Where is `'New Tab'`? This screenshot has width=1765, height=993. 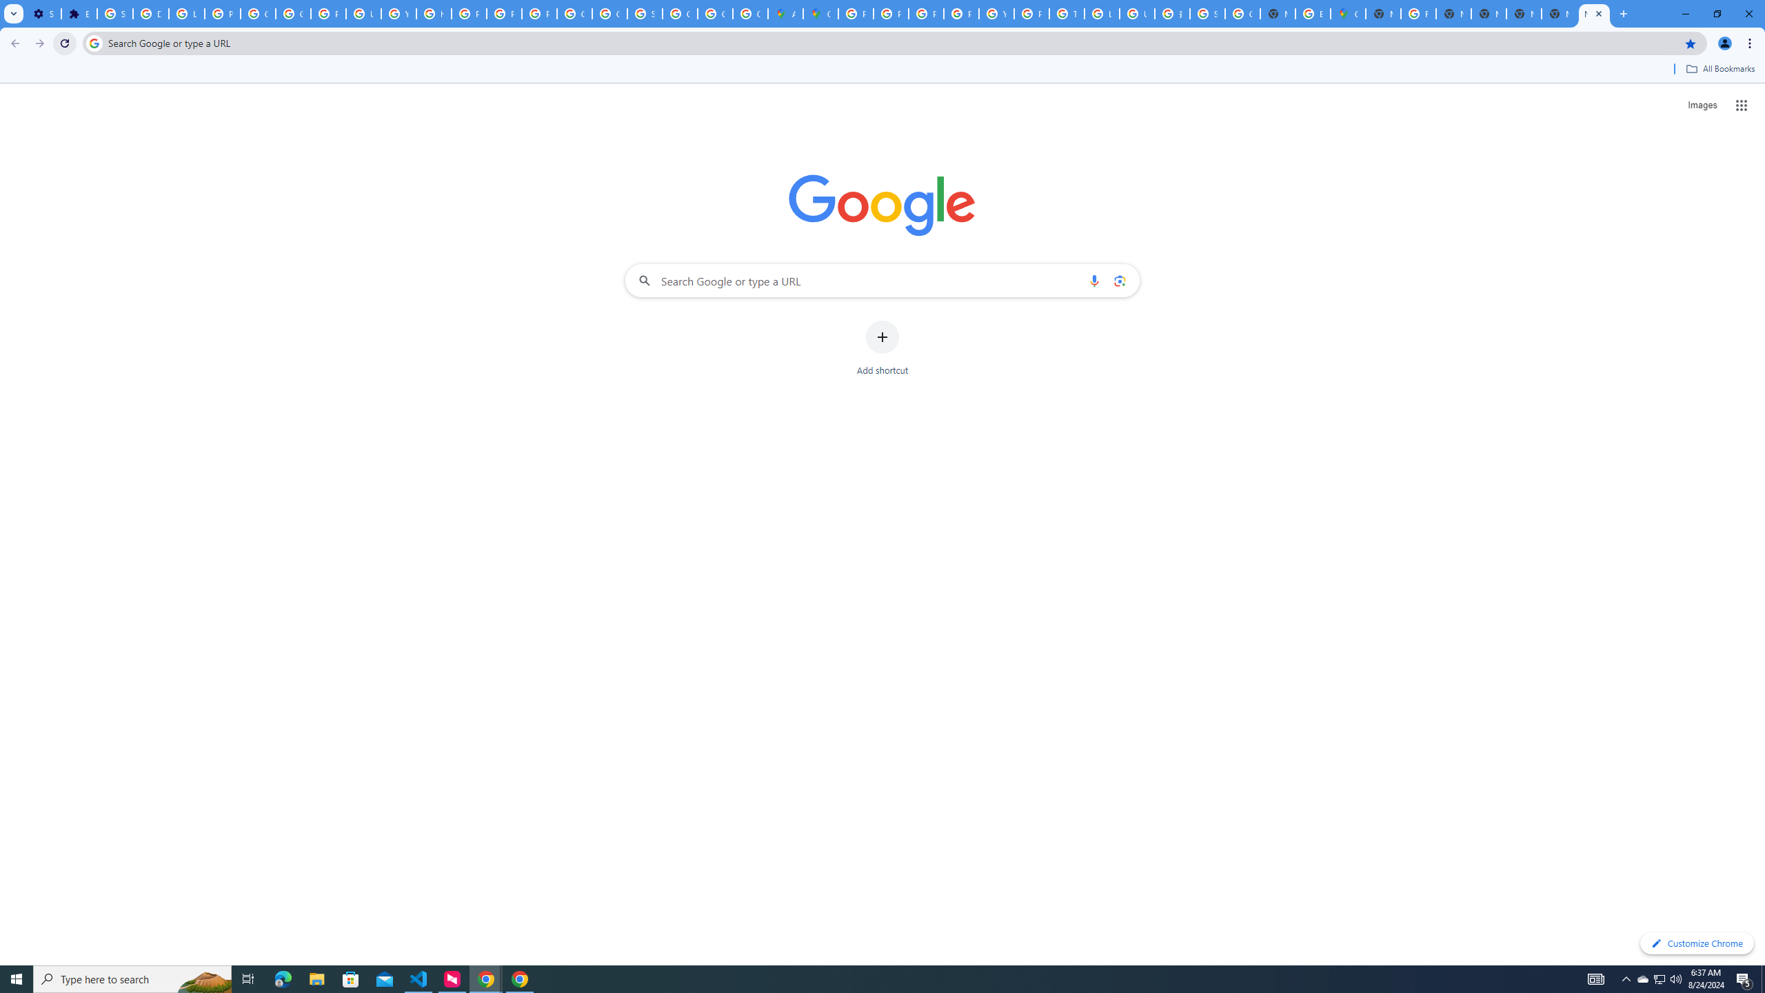
'New Tab' is located at coordinates (1559, 13).